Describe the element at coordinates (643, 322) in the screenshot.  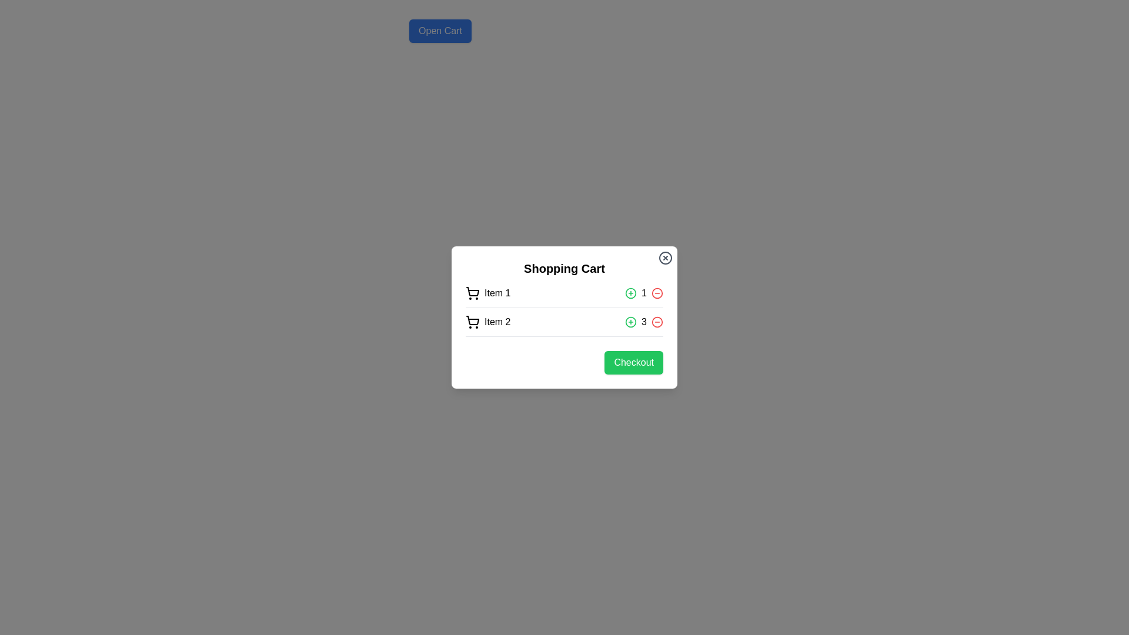
I see `the numeral '3' displayed in bold, dark font, which indicates the quantity for 'Item 2' in the shopping cart interface, centrally located between the two circular buttons` at that location.